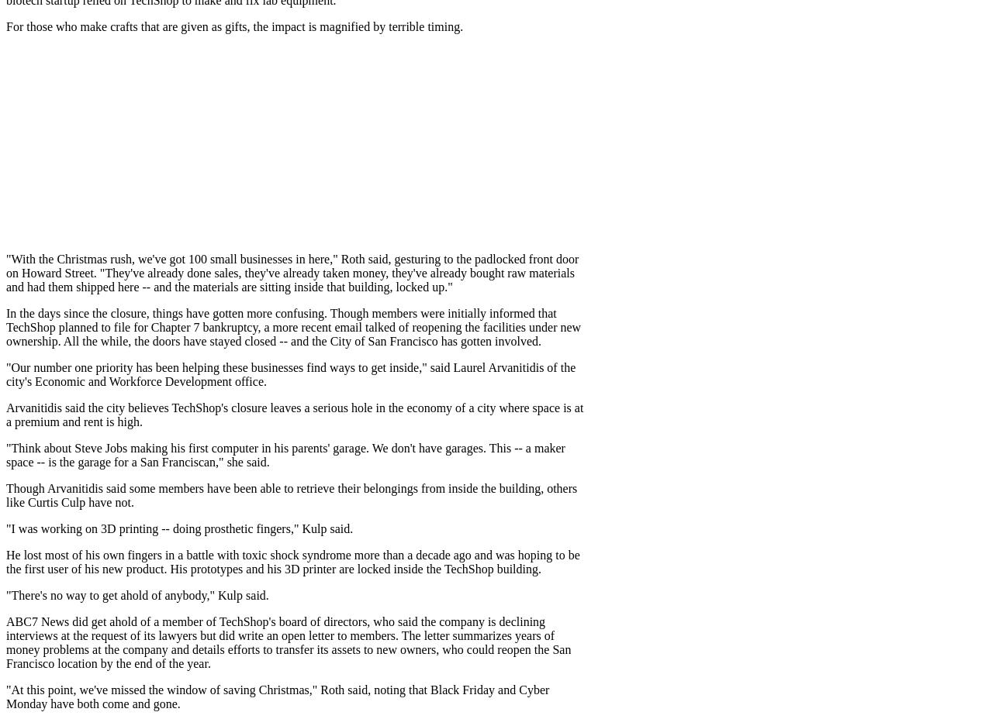 The image size is (999, 719). What do you see at coordinates (285, 455) in the screenshot?
I see `'"Think about Steve Jobs making his first computer in his parents' garage. We don't have garages. This -- a maker space -- is the garage for a San Franciscan," she said.'` at bounding box center [285, 455].